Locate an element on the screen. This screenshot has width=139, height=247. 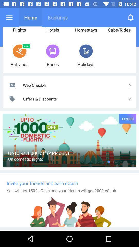
item next to the homestays icon is located at coordinates (131, 17).